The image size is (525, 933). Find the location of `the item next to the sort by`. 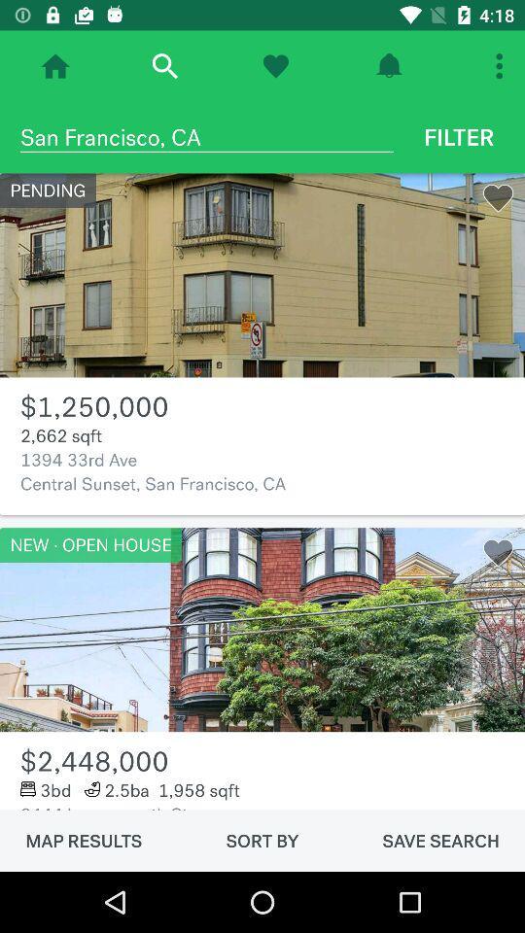

the item next to the sort by is located at coordinates (83, 840).